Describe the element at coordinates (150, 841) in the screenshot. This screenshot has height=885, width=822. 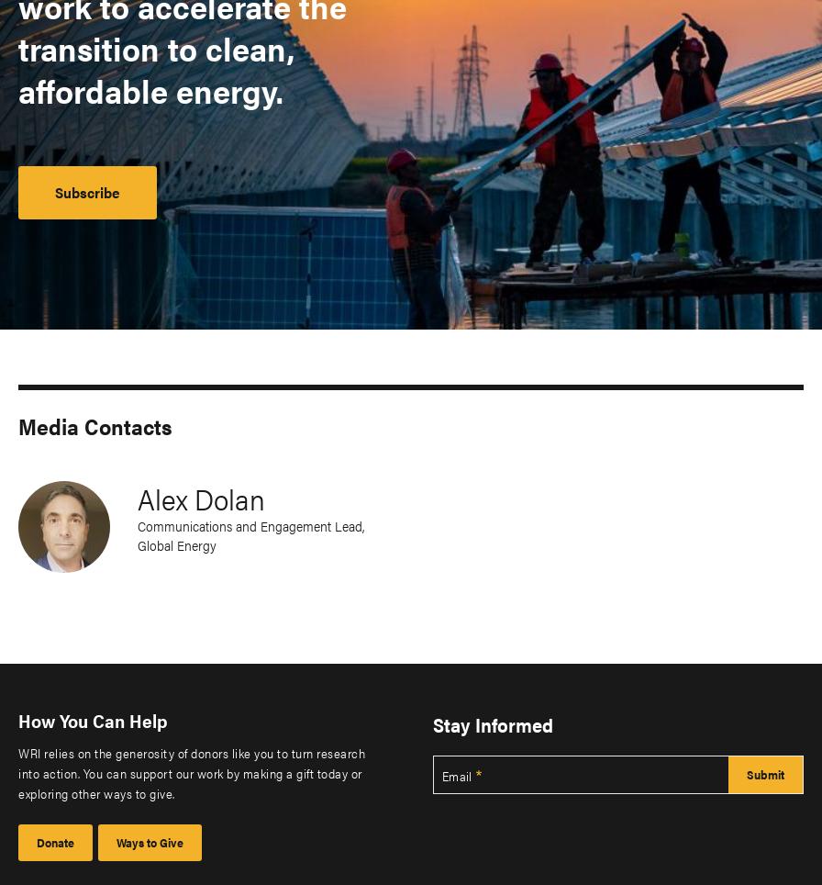
I see `'Ways to Give'` at that location.